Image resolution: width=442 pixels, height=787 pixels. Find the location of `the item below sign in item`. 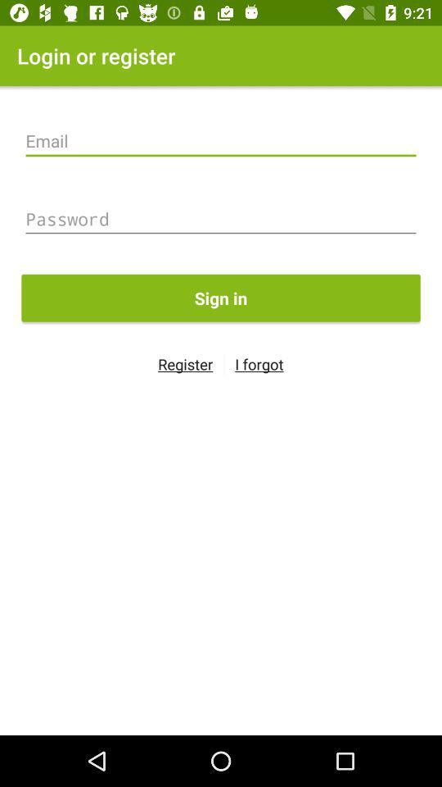

the item below sign in item is located at coordinates (259, 364).